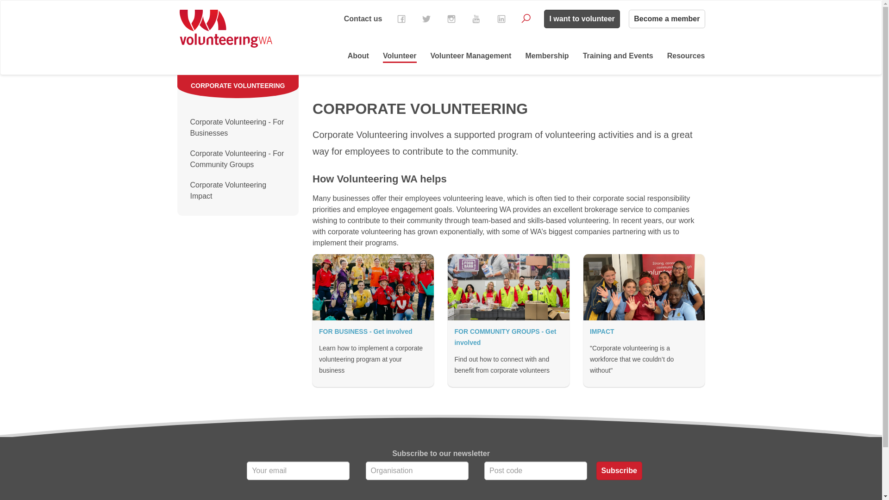 This screenshot has height=500, width=889. What do you see at coordinates (514, 18) in the screenshot?
I see `'Search'` at bounding box center [514, 18].